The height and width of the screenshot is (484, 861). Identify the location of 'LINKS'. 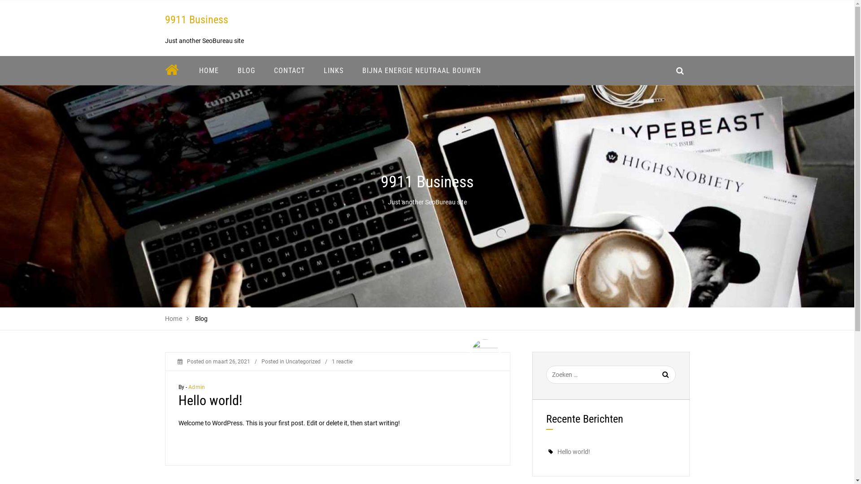
(333, 70).